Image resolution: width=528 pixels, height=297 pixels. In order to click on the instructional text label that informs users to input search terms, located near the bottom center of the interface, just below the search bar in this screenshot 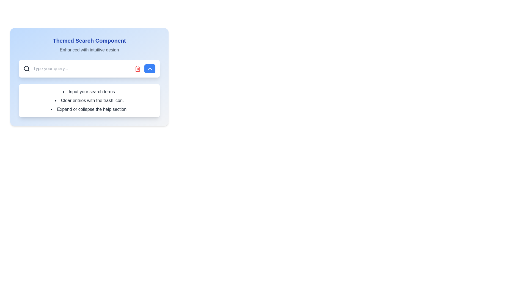, I will do `click(89, 92)`.